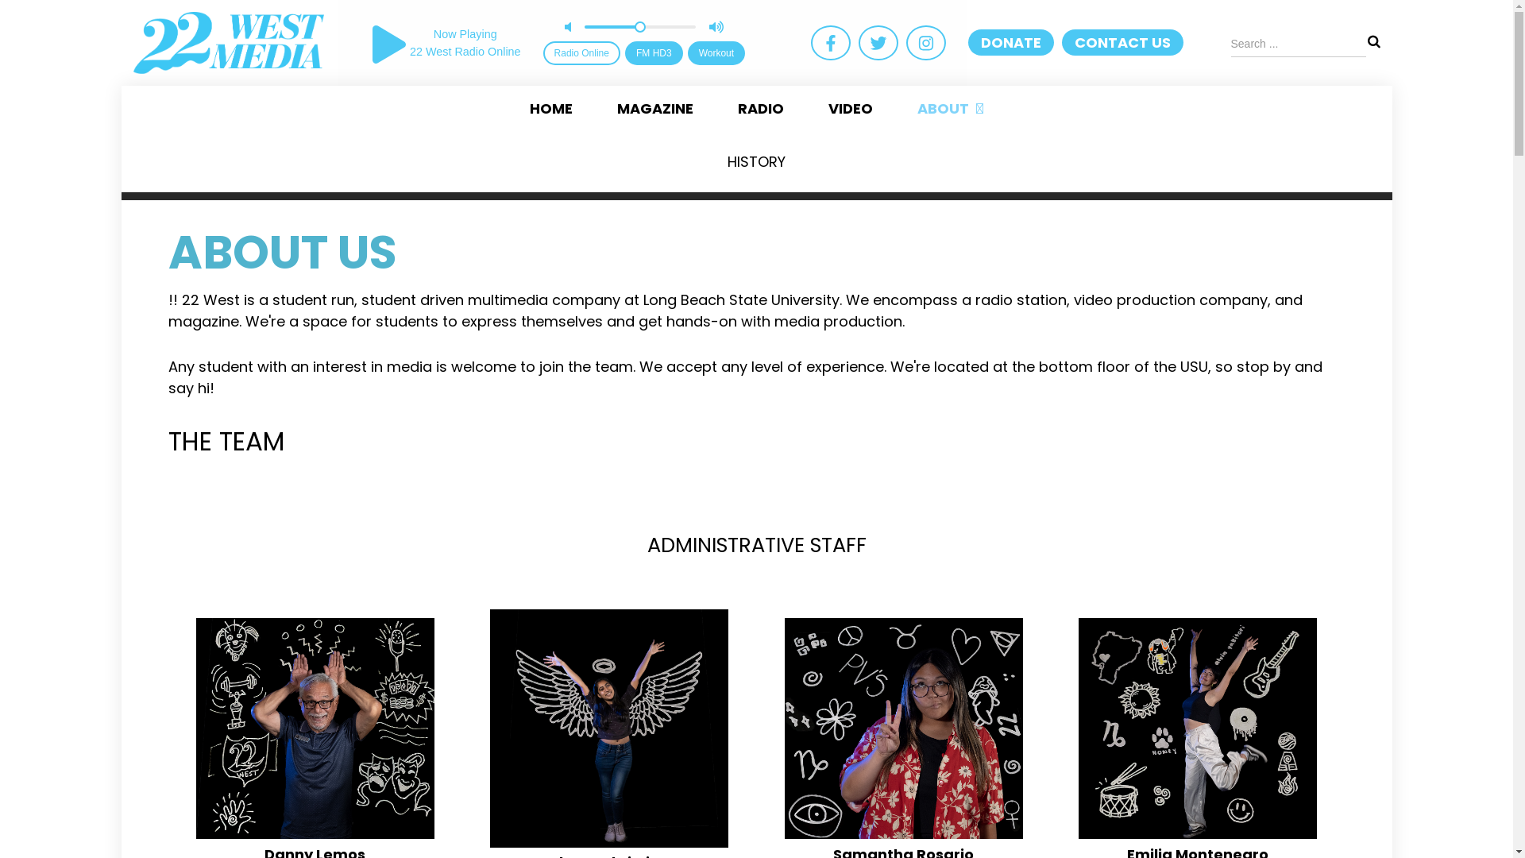 The width and height of the screenshot is (1525, 858). I want to click on 'DONATE', so click(979, 41).